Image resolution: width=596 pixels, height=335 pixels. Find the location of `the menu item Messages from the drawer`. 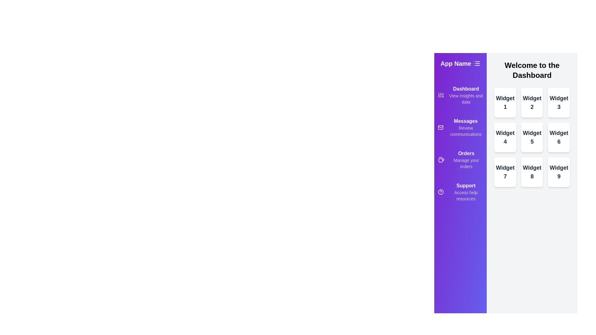

the menu item Messages from the drawer is located at coordinates (460, 127).